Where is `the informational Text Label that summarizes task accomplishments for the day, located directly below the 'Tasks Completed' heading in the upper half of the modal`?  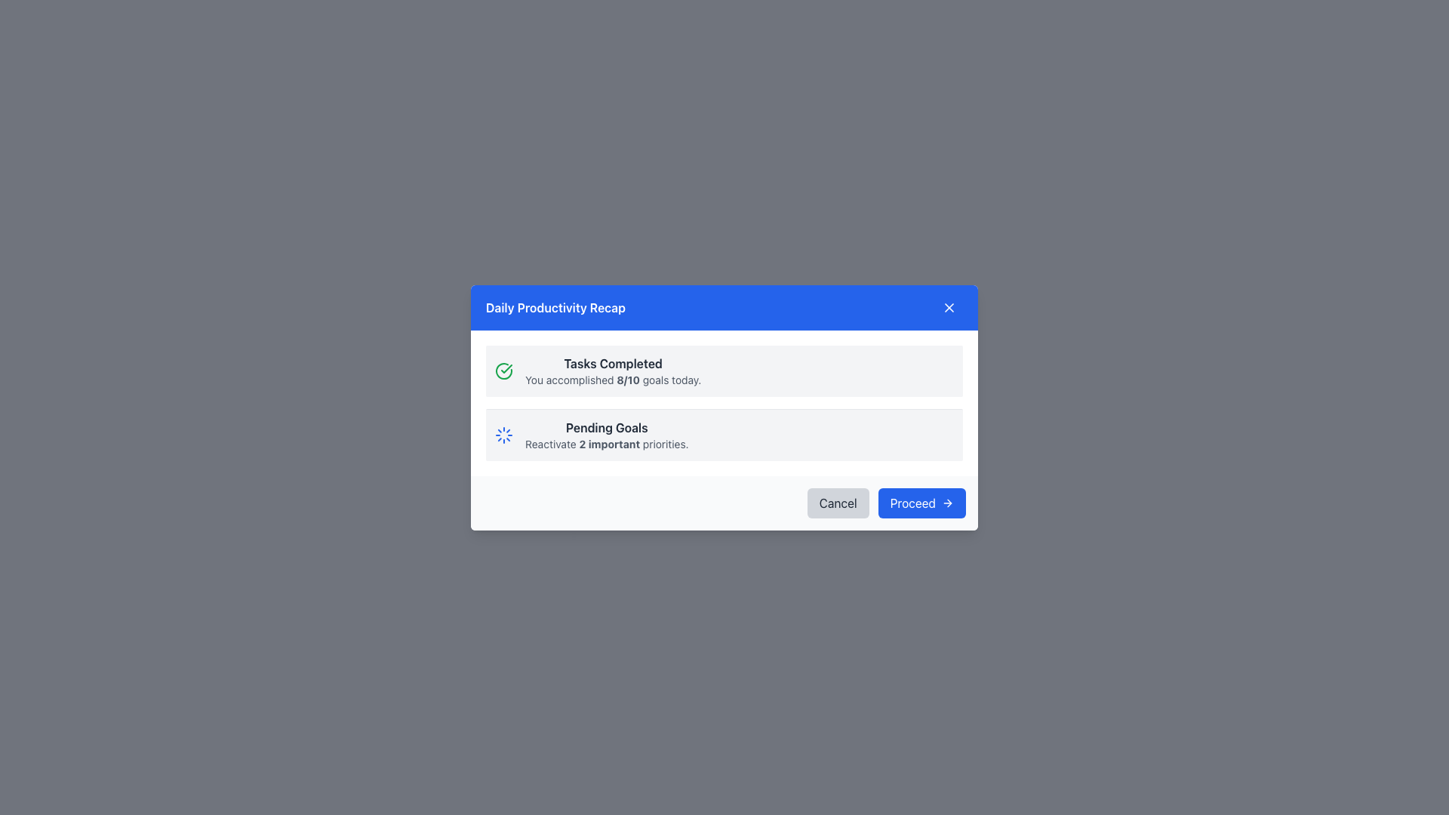
the informational Text Label that summarizes task accomplishments for the day, located directly below the 'Tasks Completed' heading in the upper half of the modal is located at coordinates (613, 379).